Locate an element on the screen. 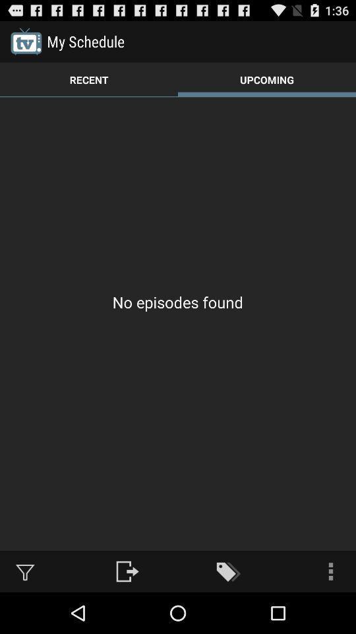 This screenshot has height=634, width=356. the icon to the left of the upcoming icon is located at coordinates (89, 79).